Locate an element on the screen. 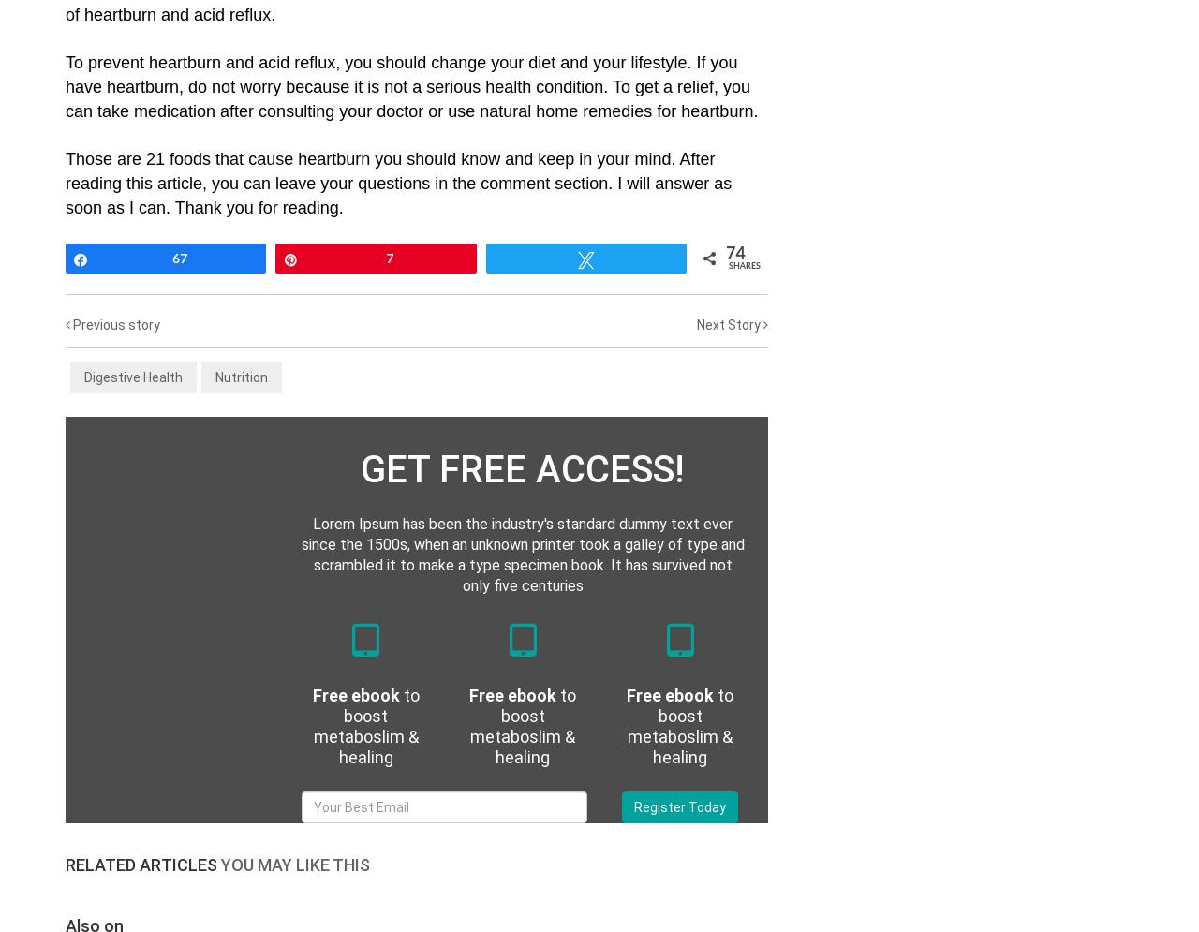 The image size is (1199, 932). 'Lorem Ipsum has been the industry's standard dummy text ever since the 1500s, when an unknown printer took a galley of type and scrambled it to make a type specimen book. It has survived not only five centuries' is located at coordinates (522, 554).